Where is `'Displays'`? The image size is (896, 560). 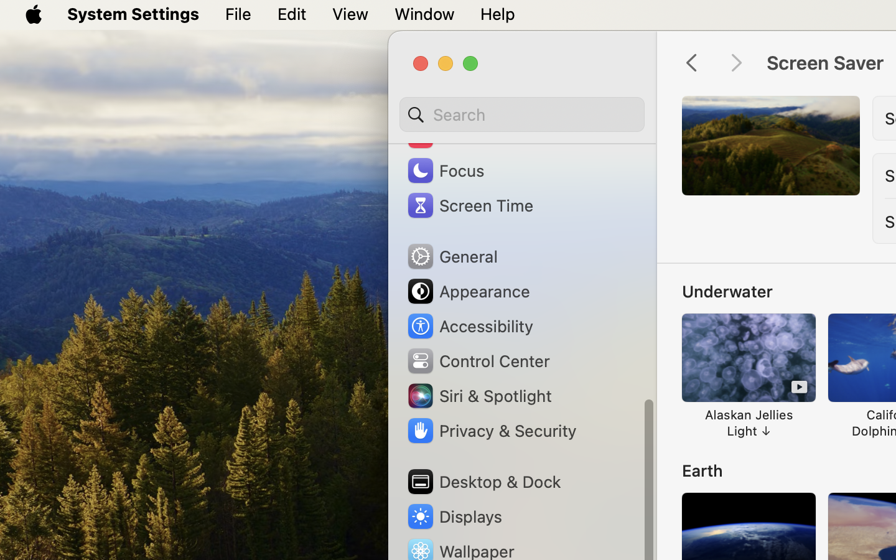 'Displays' is located at coordinates (453, 516).